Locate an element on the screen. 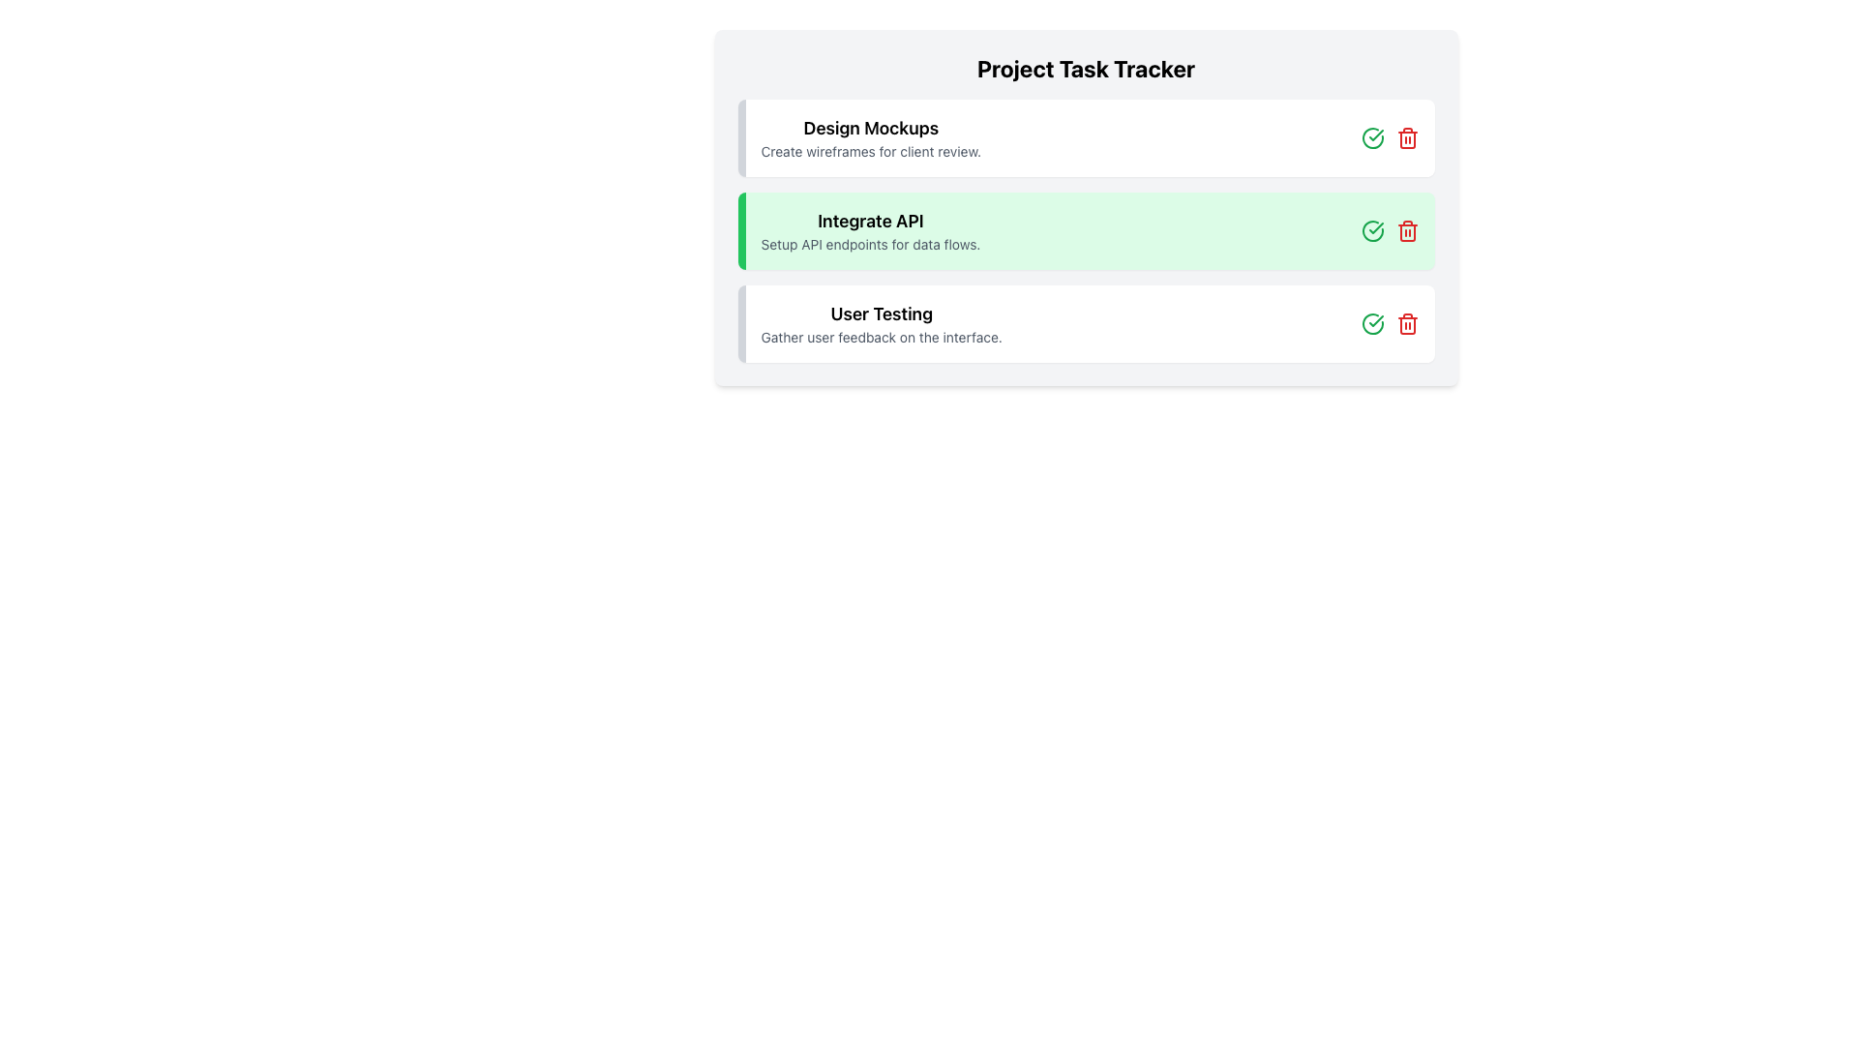 This screenshot has width=1858, height=1045. the delete icon button located at the far-right of the 'Integrate API' row in the 'Project Task Tracker' interface is located at coordinates (1407, 230).